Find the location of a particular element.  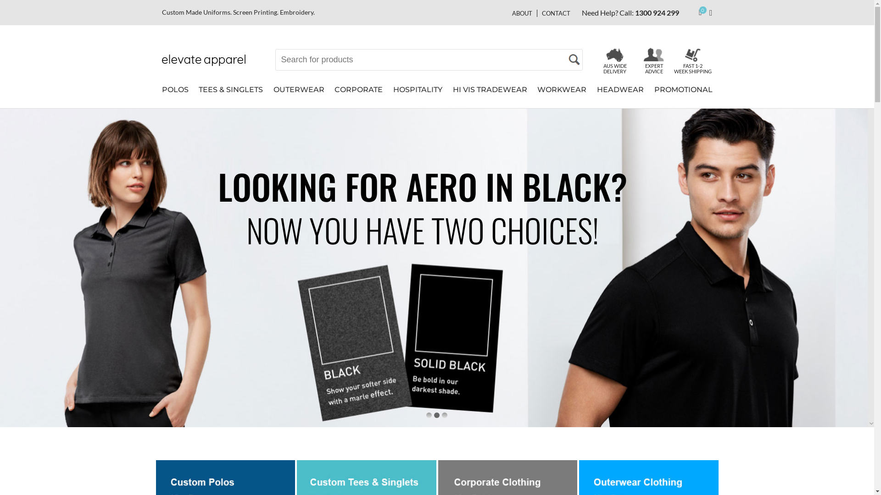

'Search' is located at coordinates (573, 60).